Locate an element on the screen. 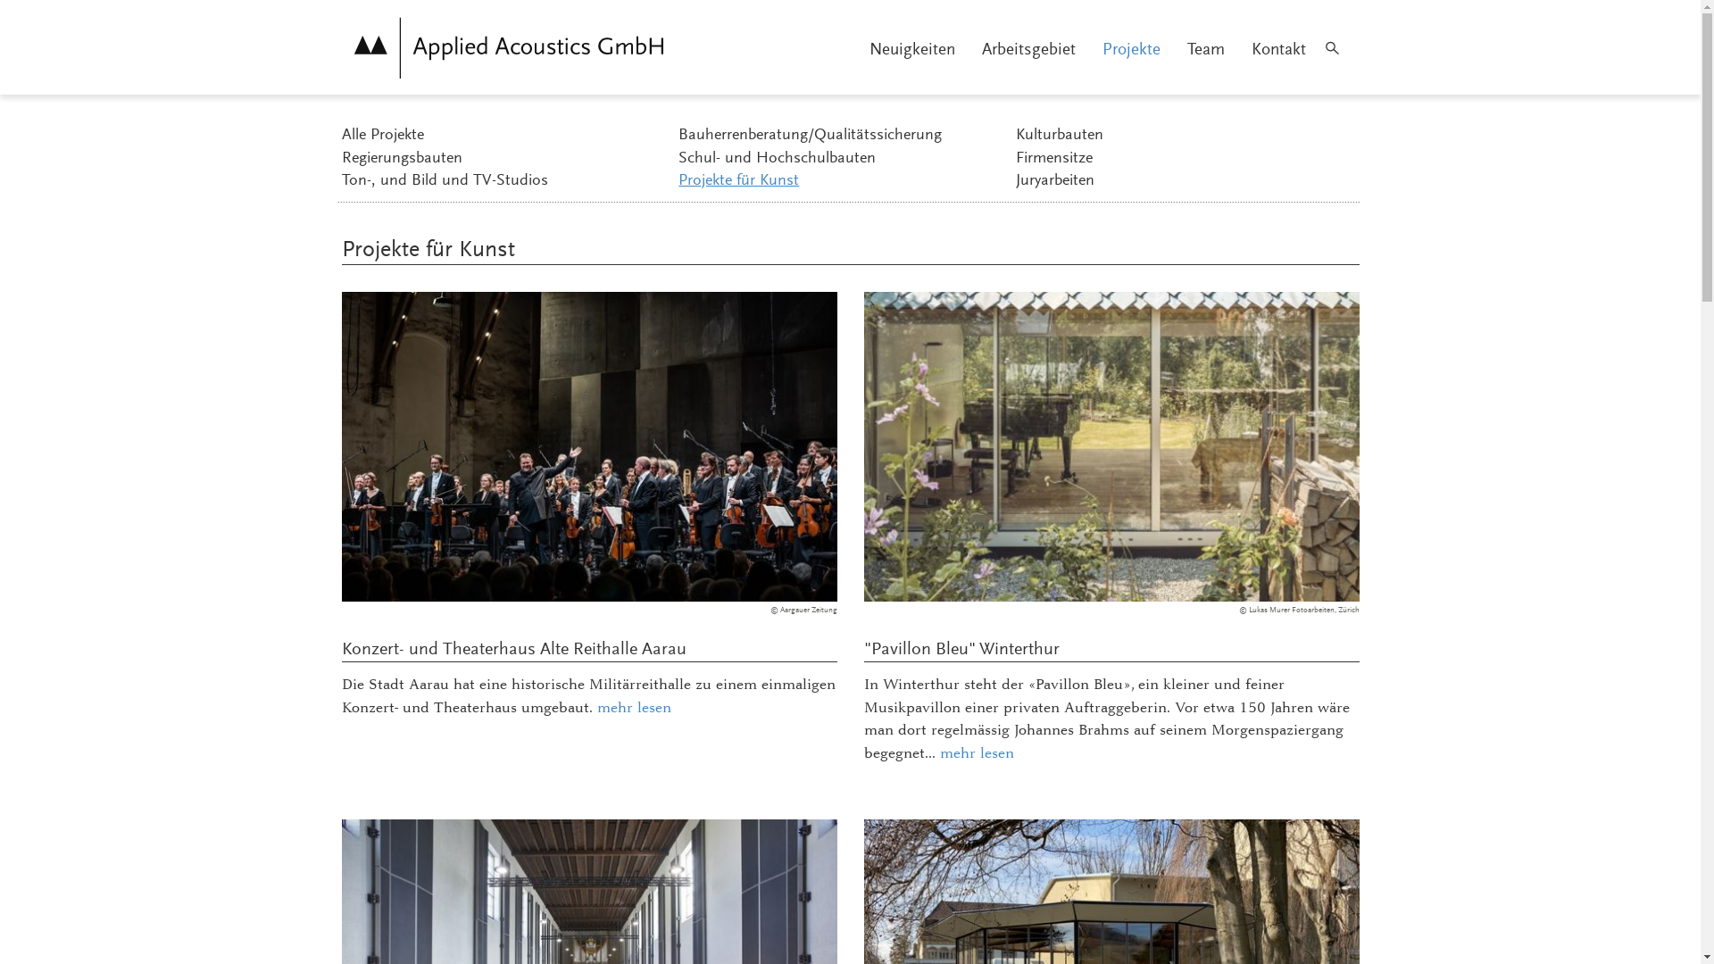  'Team' is located at coordinates (1204, 49).